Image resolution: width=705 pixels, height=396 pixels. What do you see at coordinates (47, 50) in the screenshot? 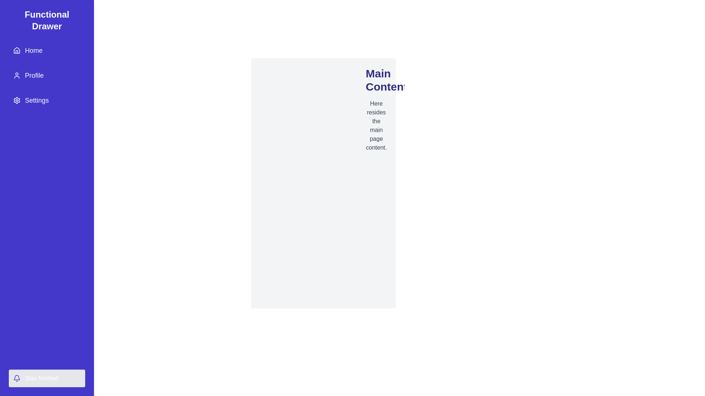
I see `the menu item Home to navigate` at bounding box center [47, 50].